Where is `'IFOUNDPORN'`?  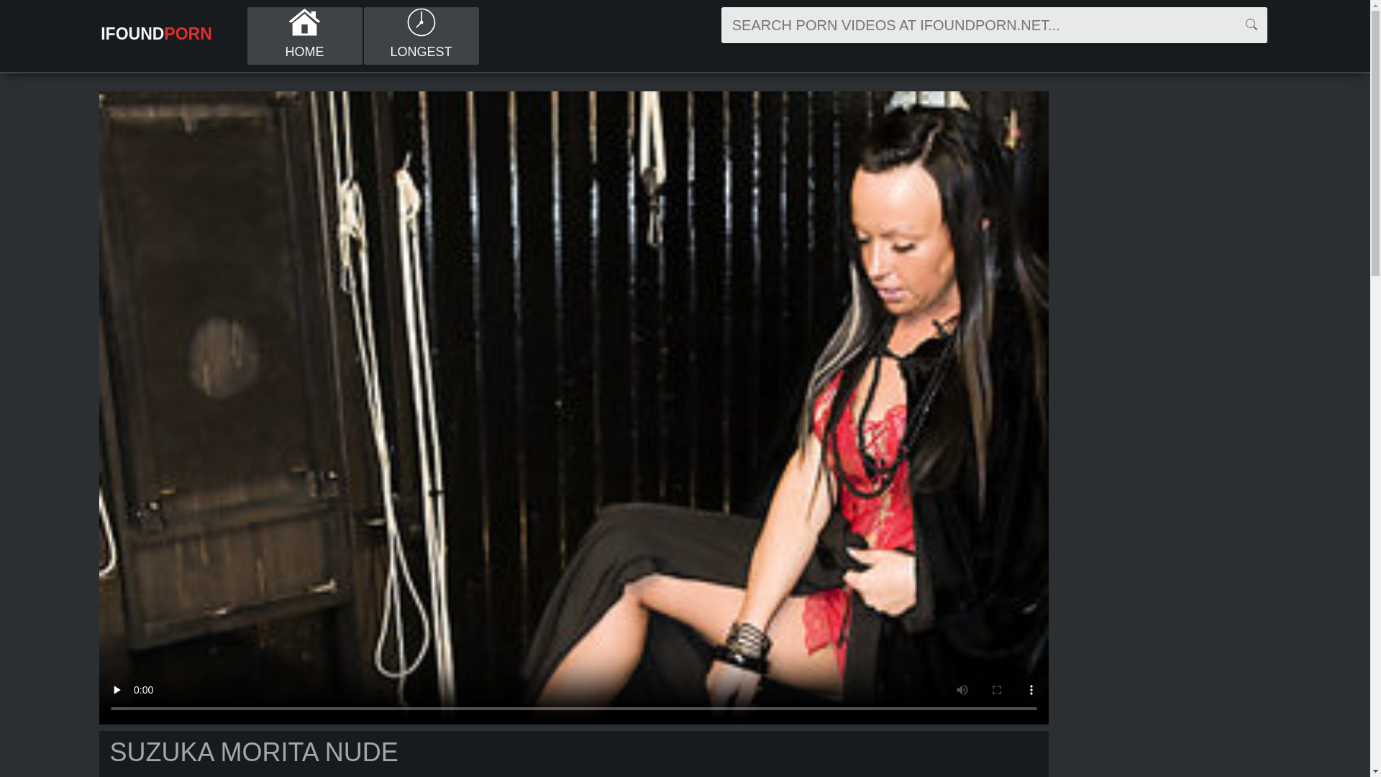 'IFOUNDPORN' is located at coordinates (94, 32).